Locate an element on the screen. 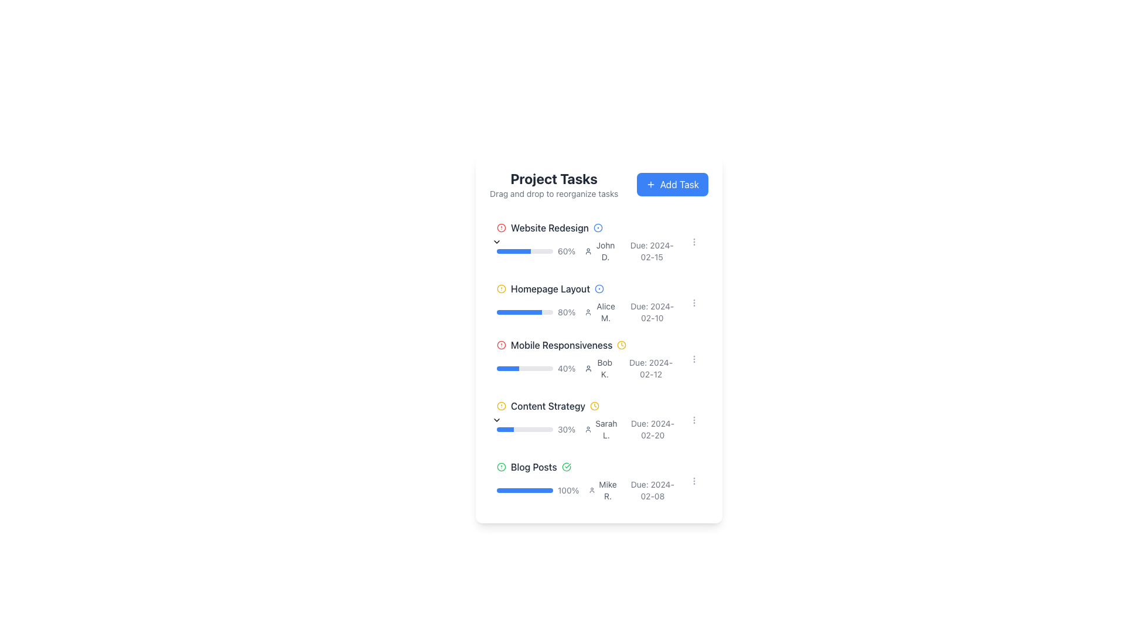 This screenshot has width=1125, height=633. the user icon resembling a human figure, which is positioned before the text 'Sarah L.' in the 'Content Strategy' row is located at coordinates (588, 429).